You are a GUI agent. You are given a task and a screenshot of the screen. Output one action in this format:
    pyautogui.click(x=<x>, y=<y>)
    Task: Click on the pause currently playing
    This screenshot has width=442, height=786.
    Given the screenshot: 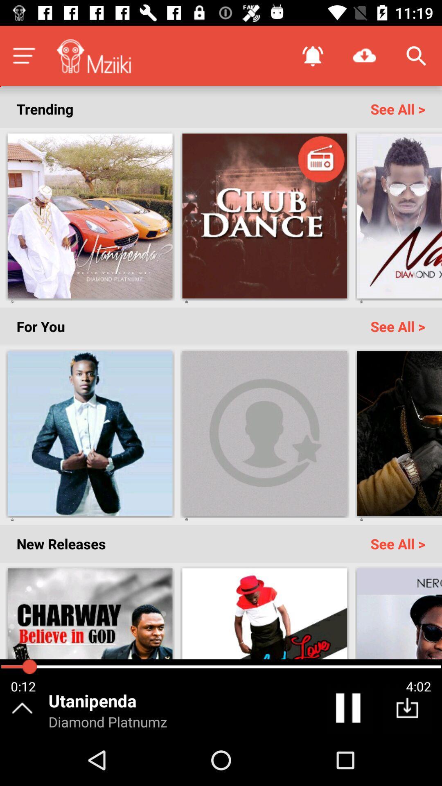 What is the action you would take?
    pyautogui.click(x=350, y=709)
    